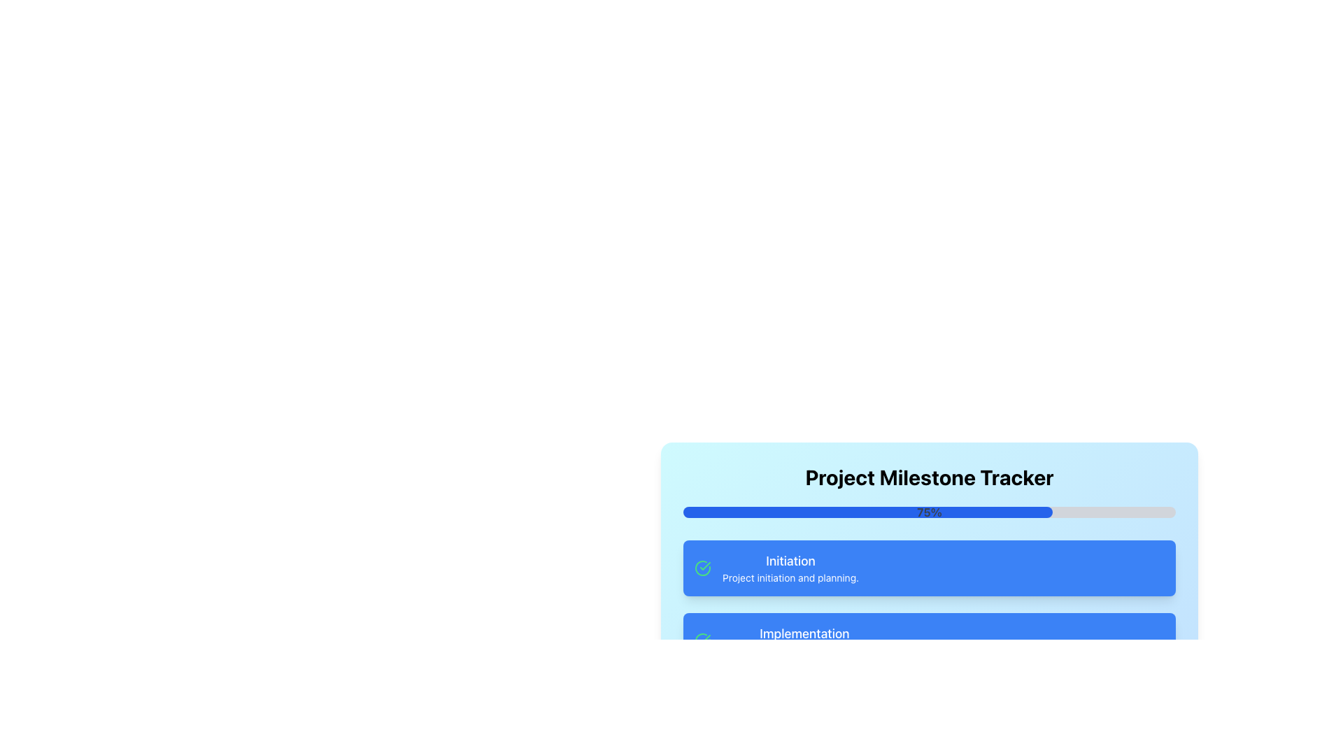 The height and width of the screenshot is (755, 1343). Describe the element at coordinates (930, 641) in the screenshot. I see `the panel titled 'Implementation' which displays the subtitle 'Feature development and execution.'` at that location.